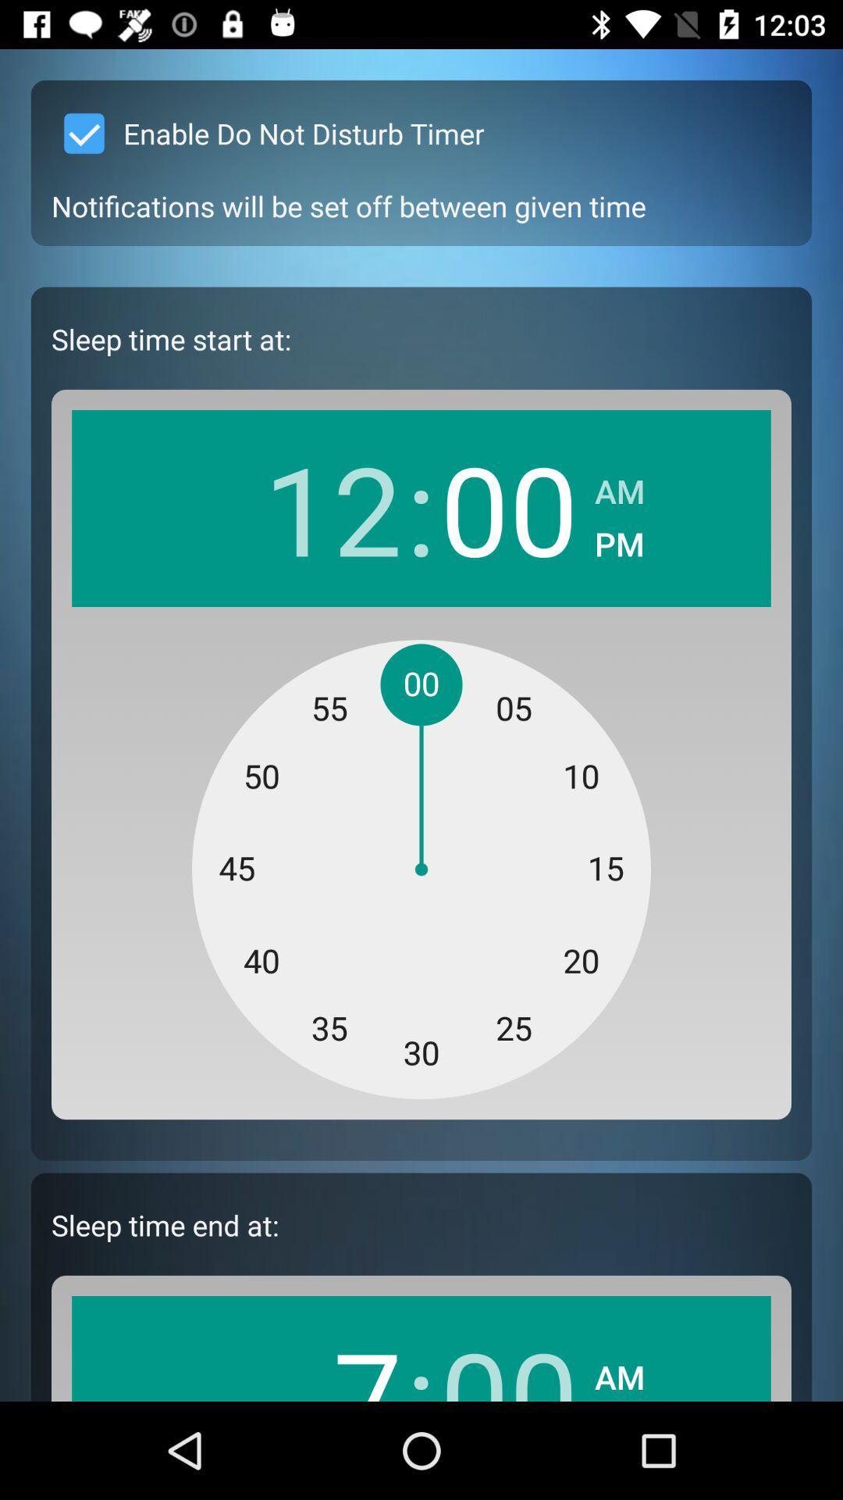  What do you see at coordinates (267, 134) in the screenshot?
I see `icon above the notifications will be item` at bounding box center [267, 134].